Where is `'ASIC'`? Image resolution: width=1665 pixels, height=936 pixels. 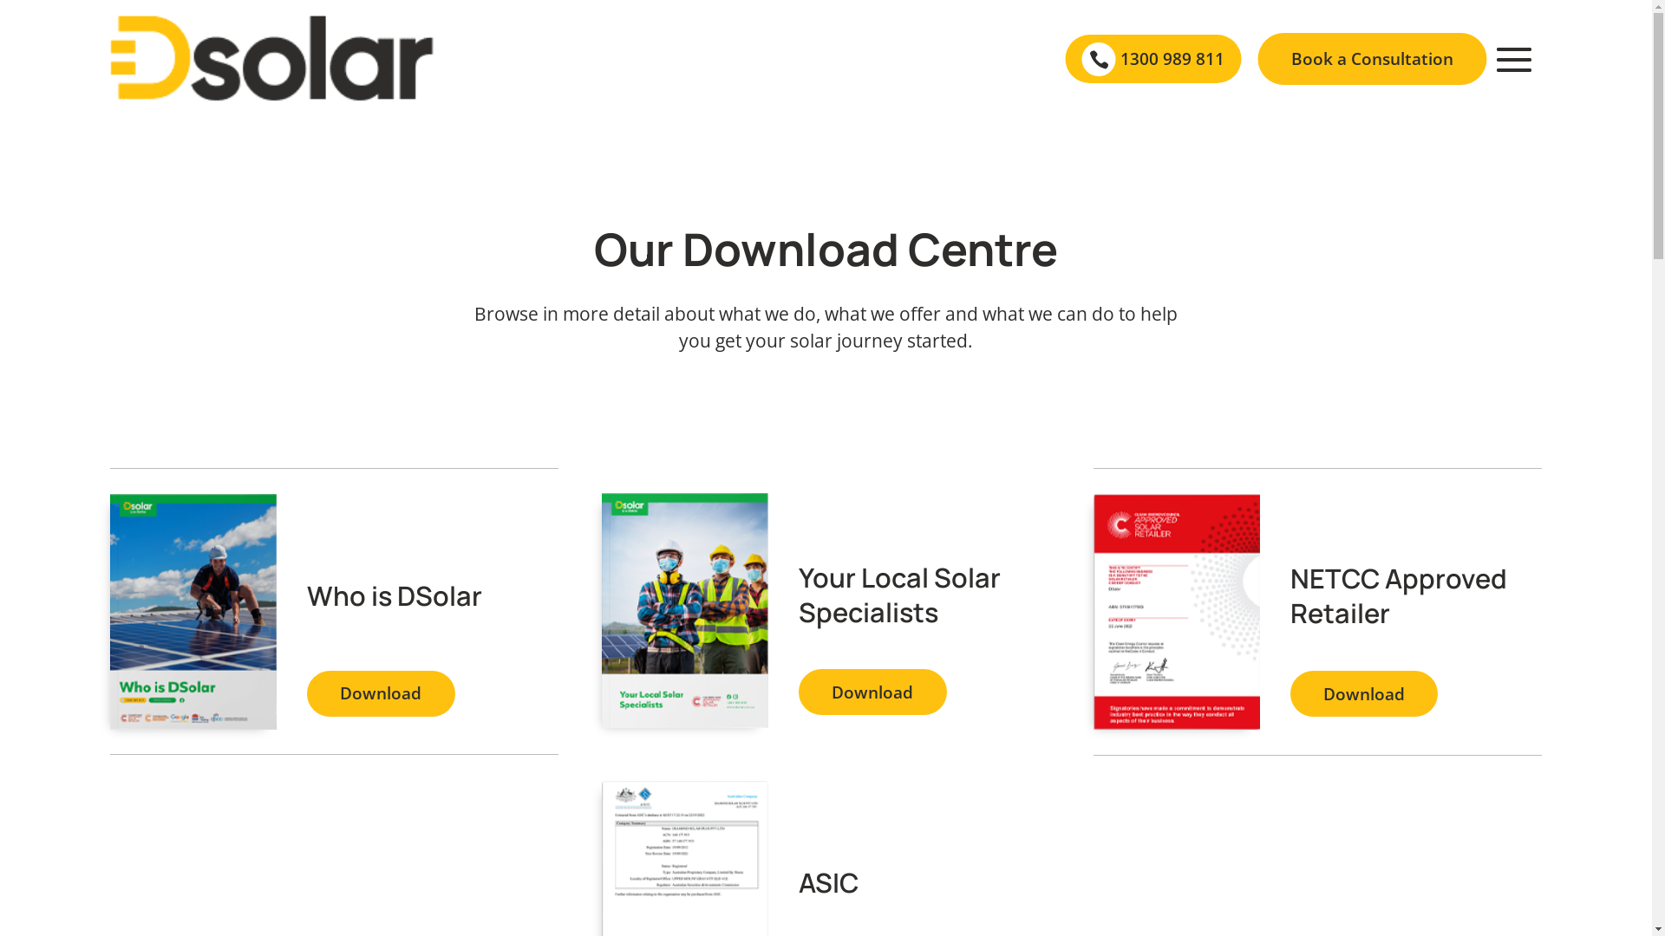
'ASIC' is located at coordinates (827, 882).